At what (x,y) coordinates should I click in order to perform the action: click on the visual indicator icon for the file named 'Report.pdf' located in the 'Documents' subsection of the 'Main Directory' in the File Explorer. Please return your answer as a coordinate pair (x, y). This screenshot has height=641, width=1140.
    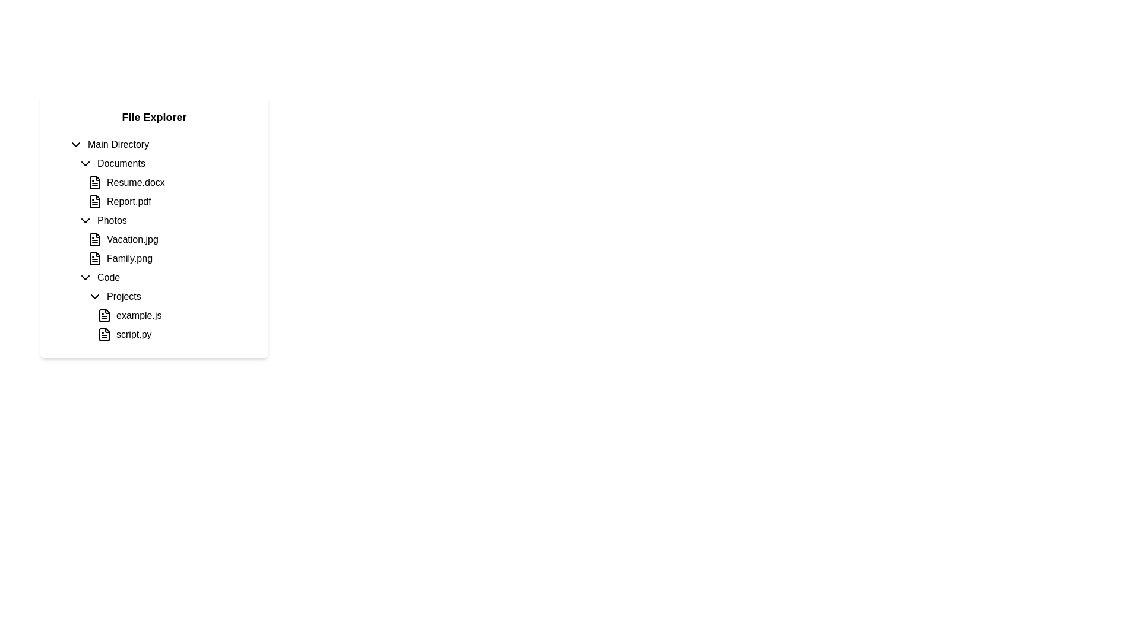
    Looking at the image, I should click on (94, 201).